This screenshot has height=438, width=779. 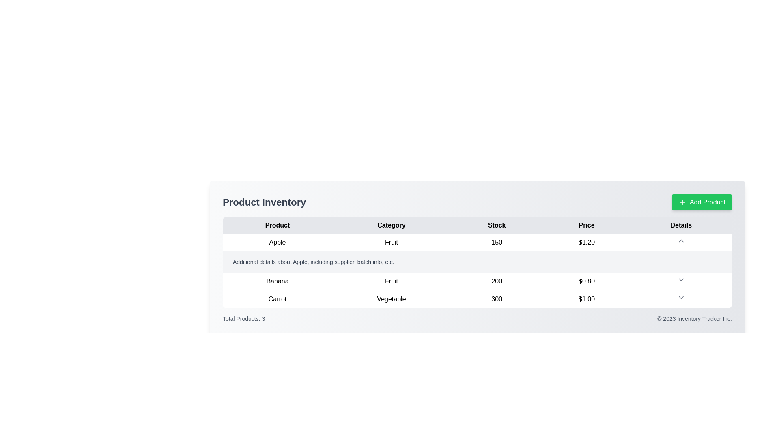 I want to click on the chevron toggle button in the 'Details' column for the banana product, so click(x=681, y=279).